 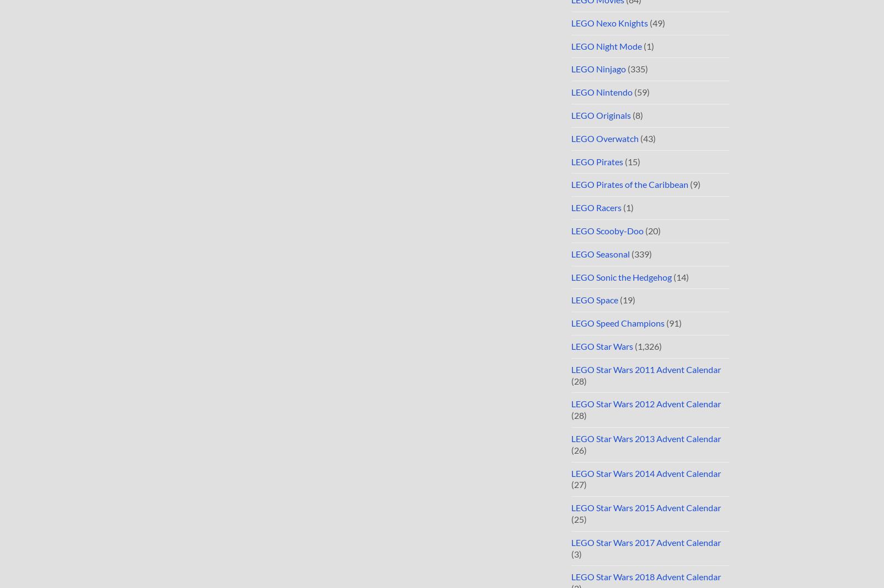 What do you see at coordinates (641, 253) in the screenshot?
I see `'(339)'` at bounding box center [641, 253].